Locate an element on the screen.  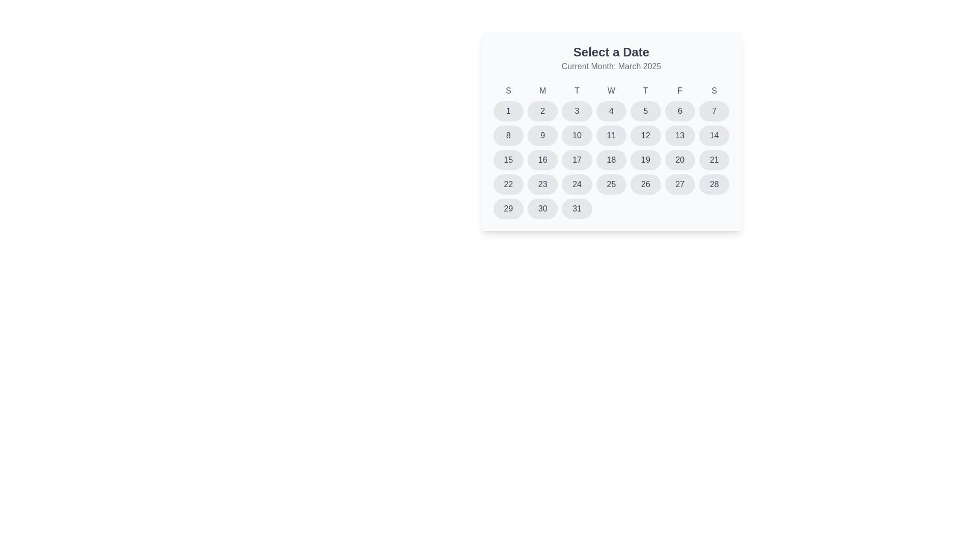
the button labeled '31' in the bottom-right corner of the calendar layout is located at coordinates (577, 208).